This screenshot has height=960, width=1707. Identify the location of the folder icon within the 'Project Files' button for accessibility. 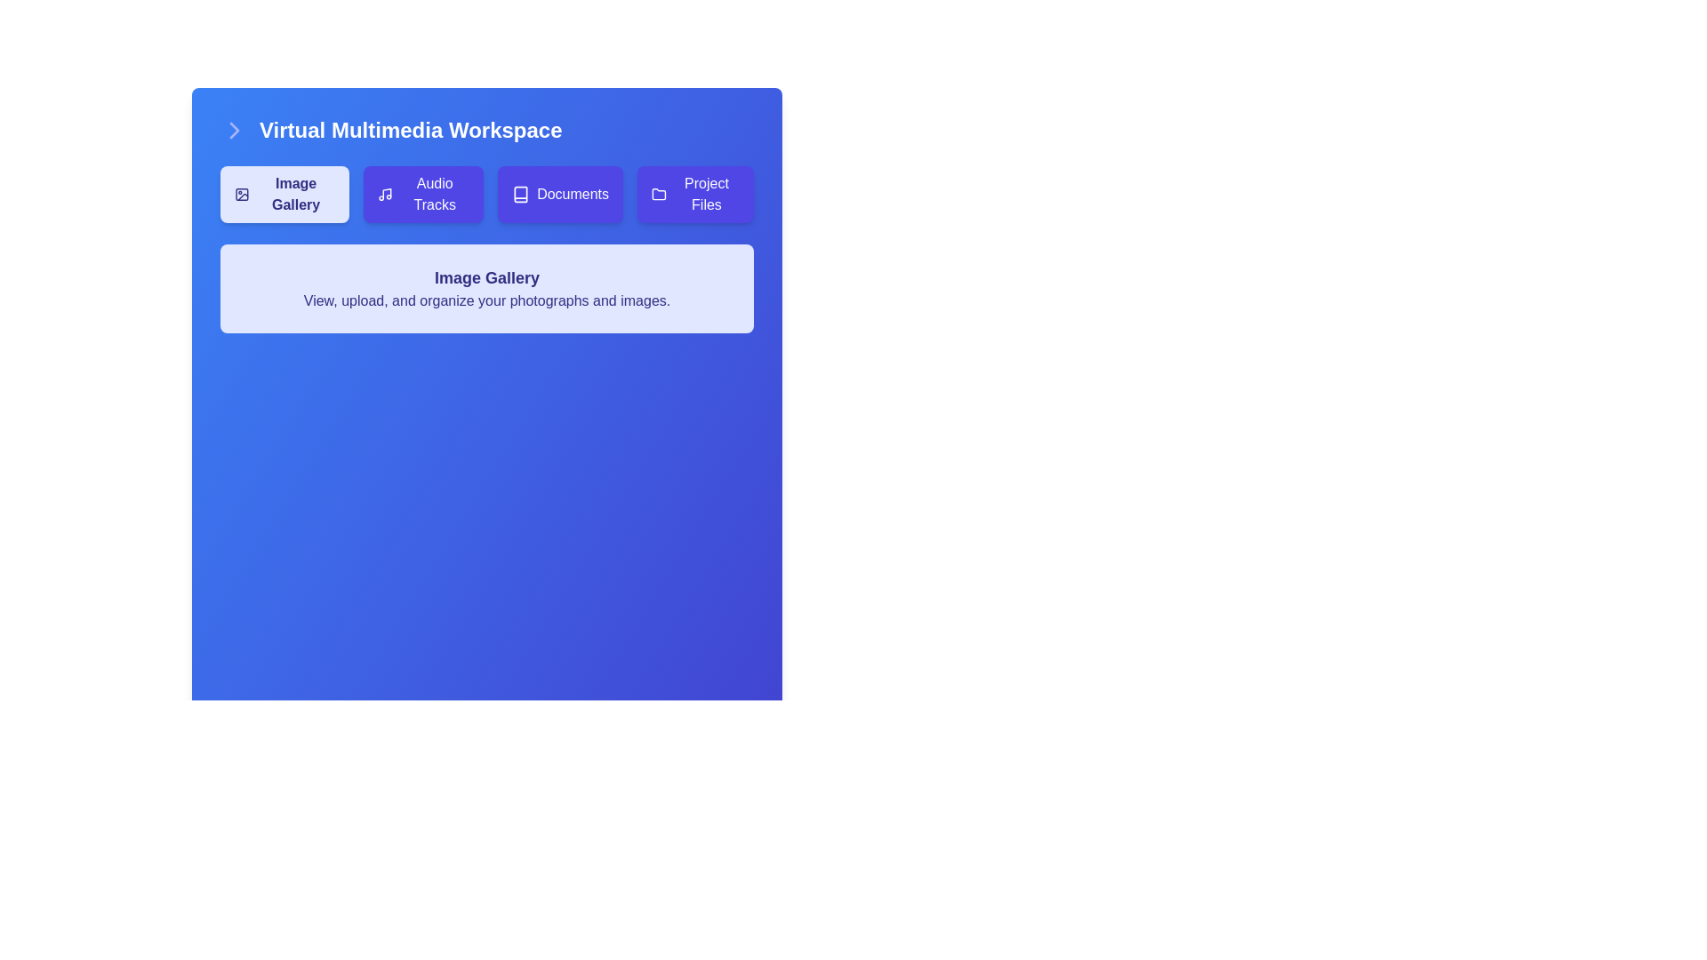
(658, 195).